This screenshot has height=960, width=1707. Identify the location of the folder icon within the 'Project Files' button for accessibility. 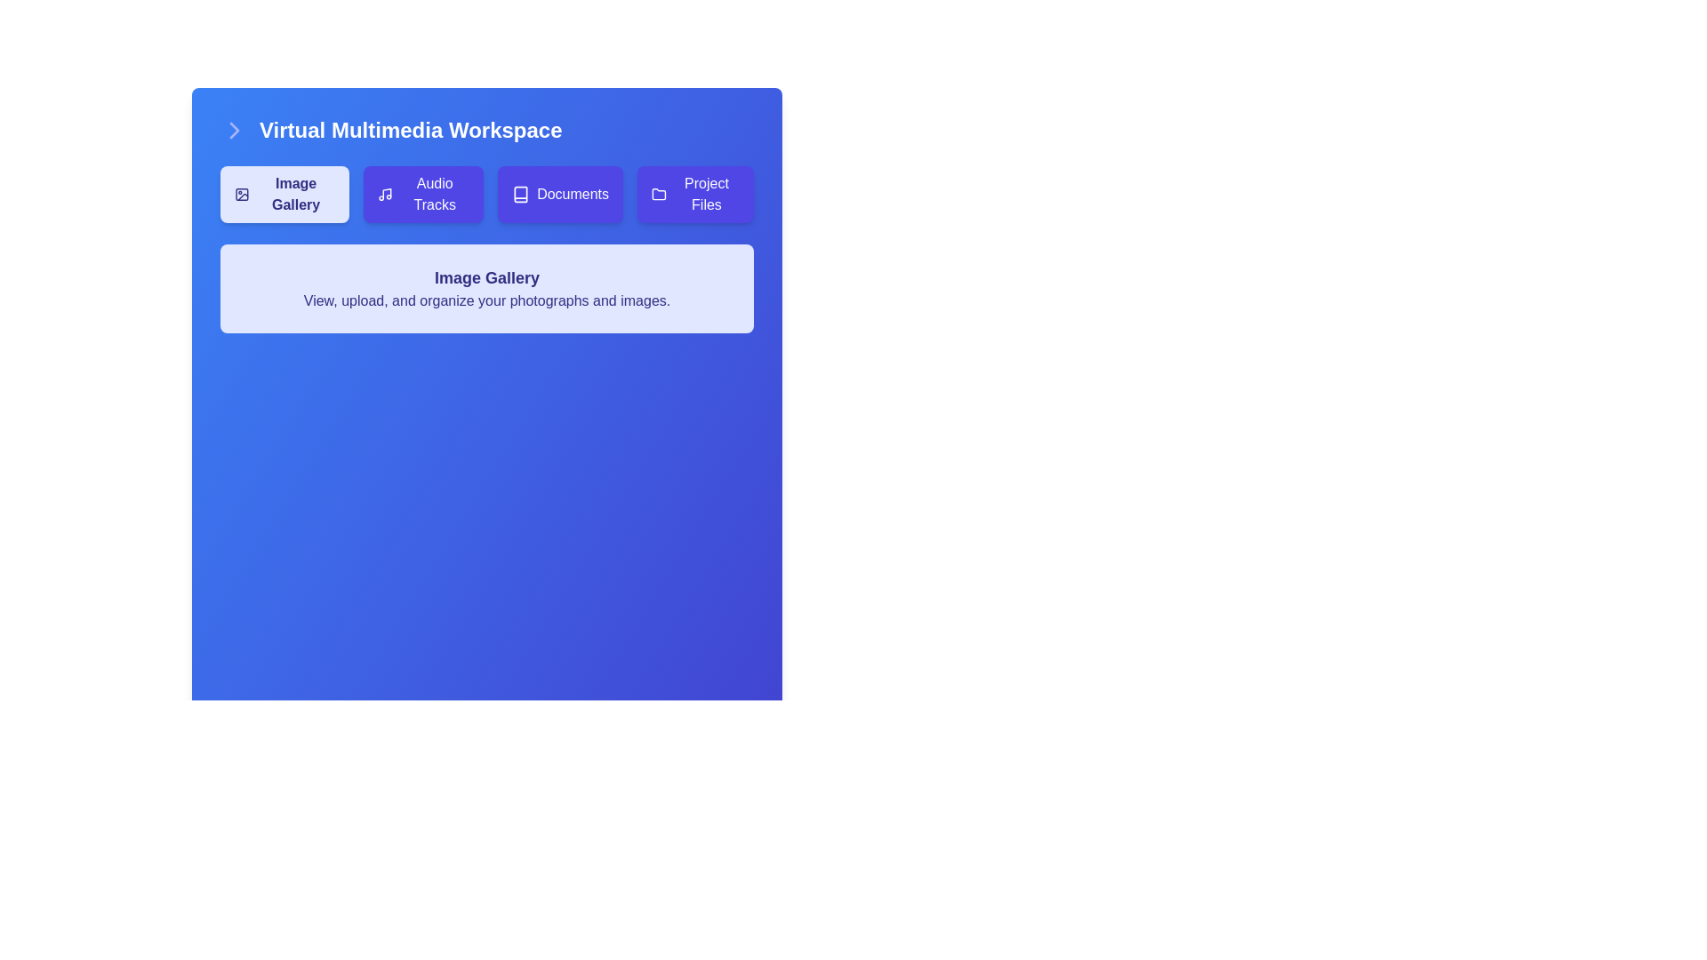
(658, 195).